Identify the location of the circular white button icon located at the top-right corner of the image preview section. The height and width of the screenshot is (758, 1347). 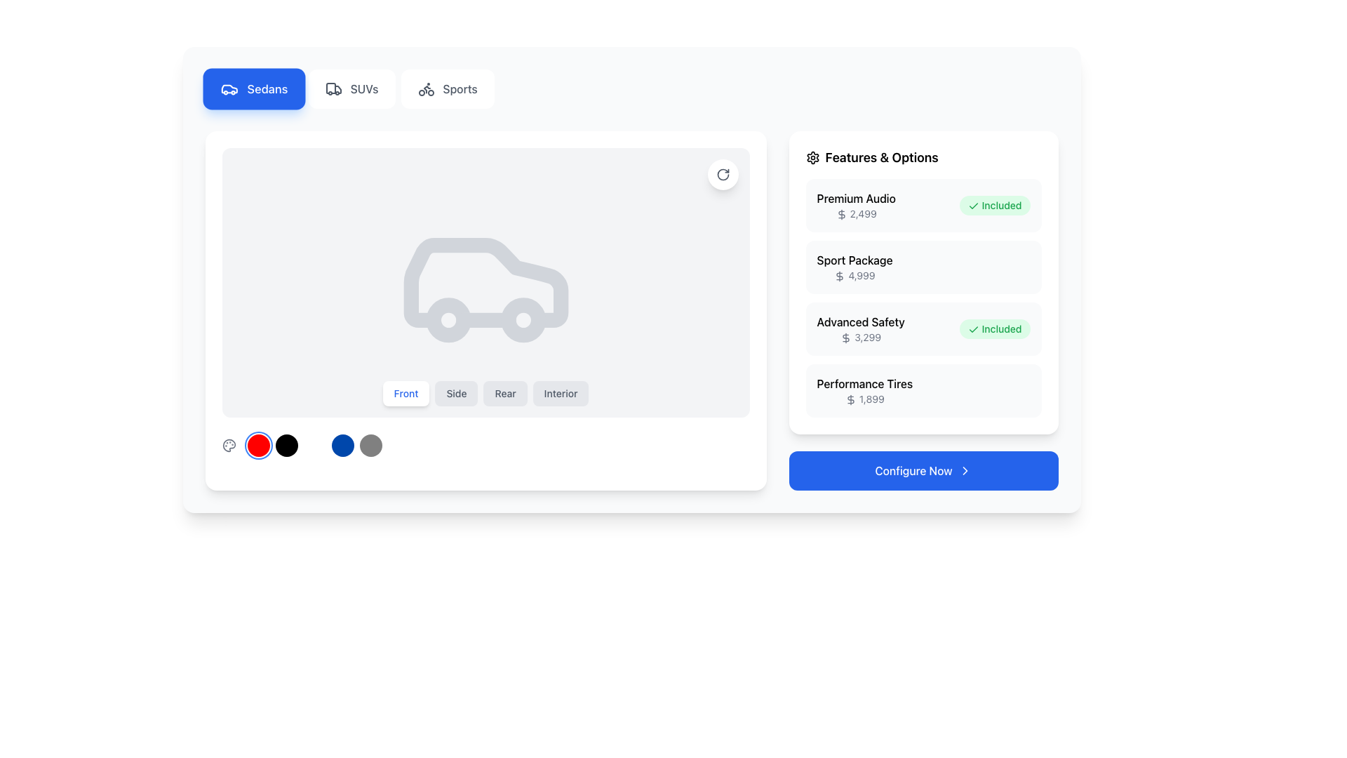
(723, 174).